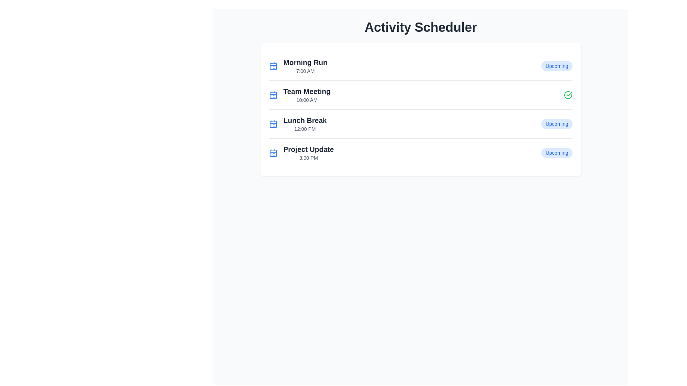 Image resolution: width=687 pixels, height=386 pixels. Describe the element at coordinates (568, 95) in the screenshot. I see `the circular outline of the green checkmark icon that signifies a completed or selected status for the 'Team Meeting' task` at that location.